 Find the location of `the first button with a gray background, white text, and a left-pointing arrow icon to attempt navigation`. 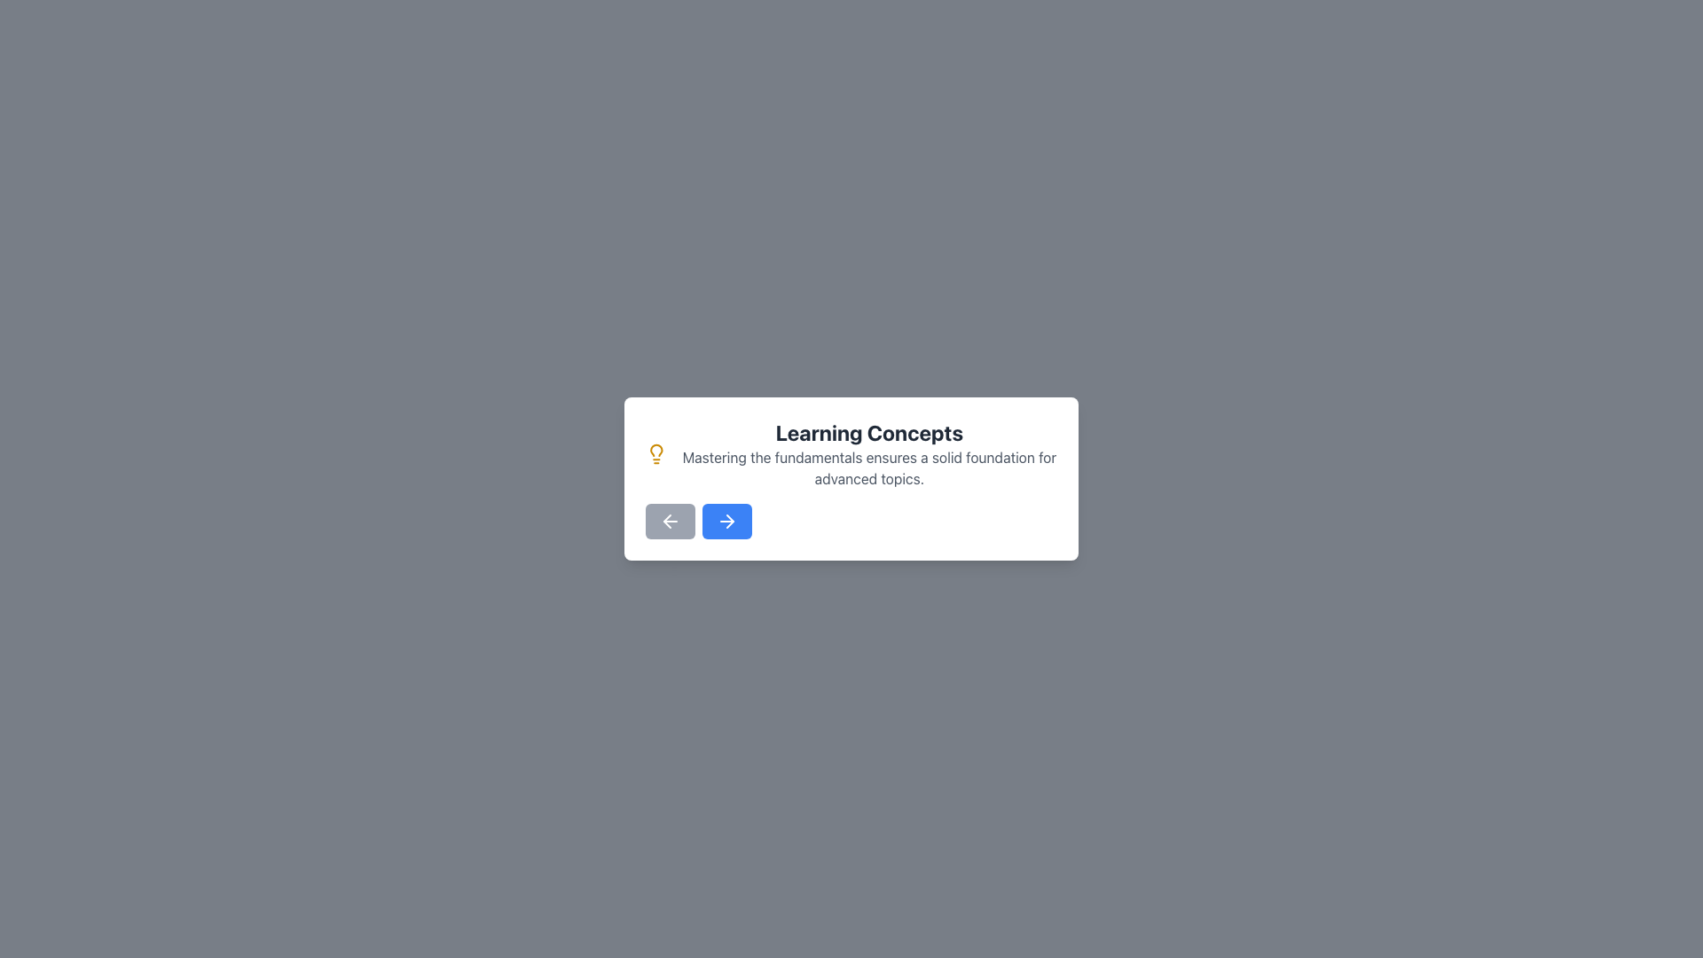

the first button with a gray background, white text, and a left-pointing arrow icon to attempt navigation is located at coordinates (669, 520).